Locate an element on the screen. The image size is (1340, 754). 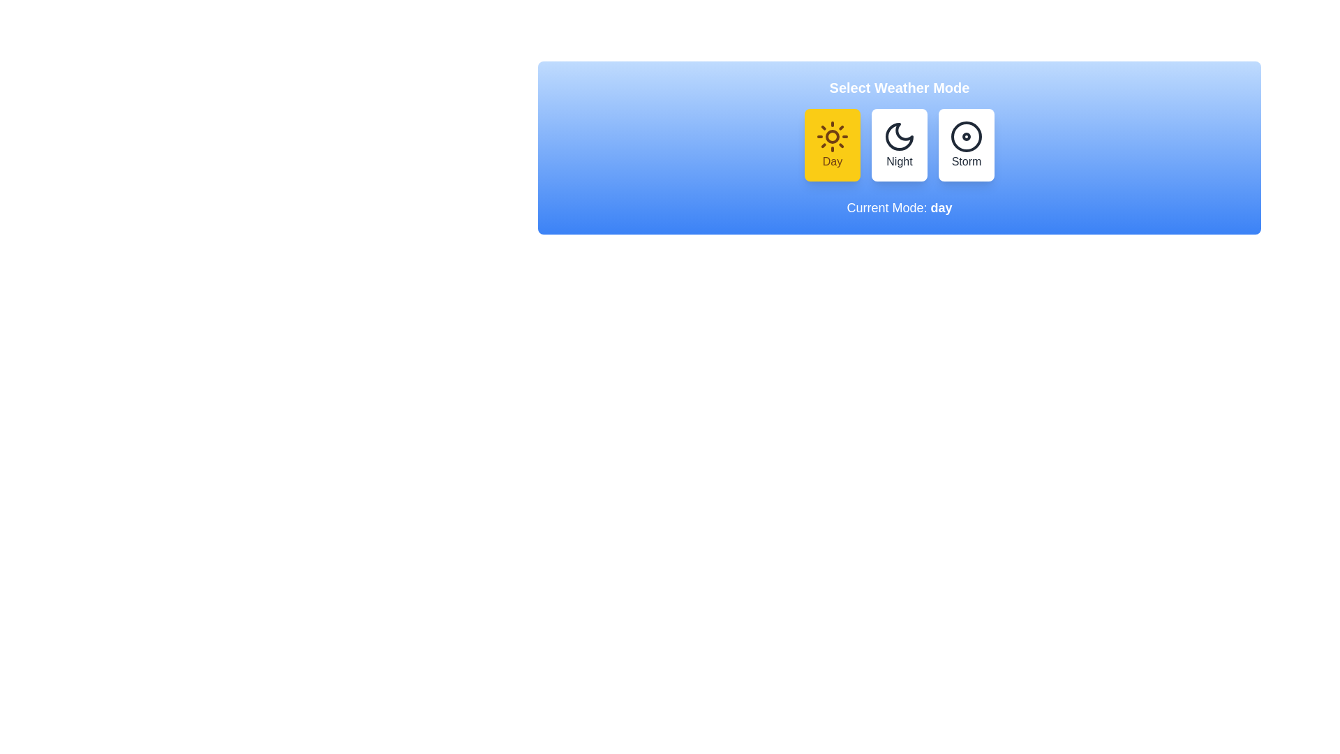
the button labeled Storm is located at coordinates (966, 145).